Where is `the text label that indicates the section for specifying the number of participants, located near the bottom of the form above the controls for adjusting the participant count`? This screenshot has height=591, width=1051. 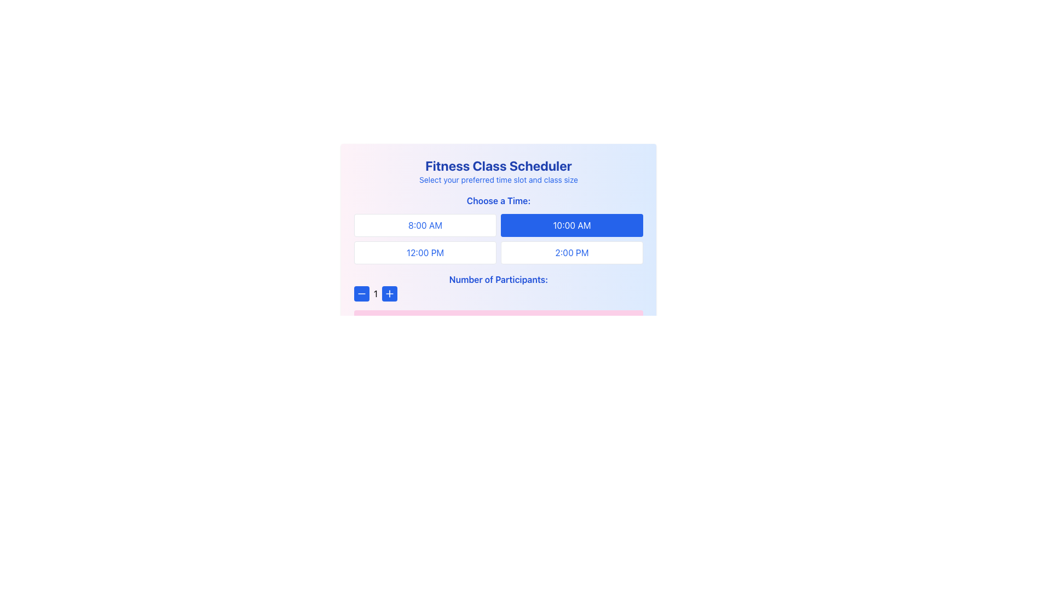 the text label that indicates the section for specifying the number of participants, located near the bottom of the form above the controls for adjusting the participant count is located at coordinates (498, 279).